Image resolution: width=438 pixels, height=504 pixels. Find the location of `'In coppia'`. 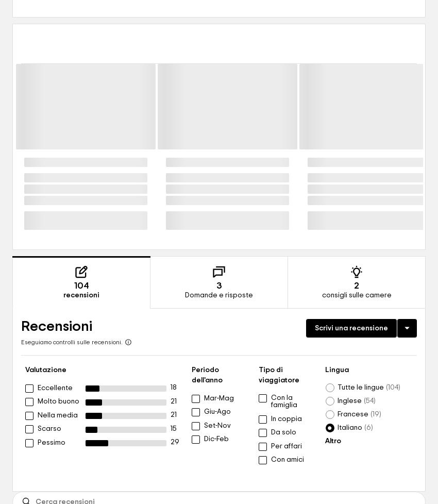

'In coppia' is located at coordinates (285, 418).